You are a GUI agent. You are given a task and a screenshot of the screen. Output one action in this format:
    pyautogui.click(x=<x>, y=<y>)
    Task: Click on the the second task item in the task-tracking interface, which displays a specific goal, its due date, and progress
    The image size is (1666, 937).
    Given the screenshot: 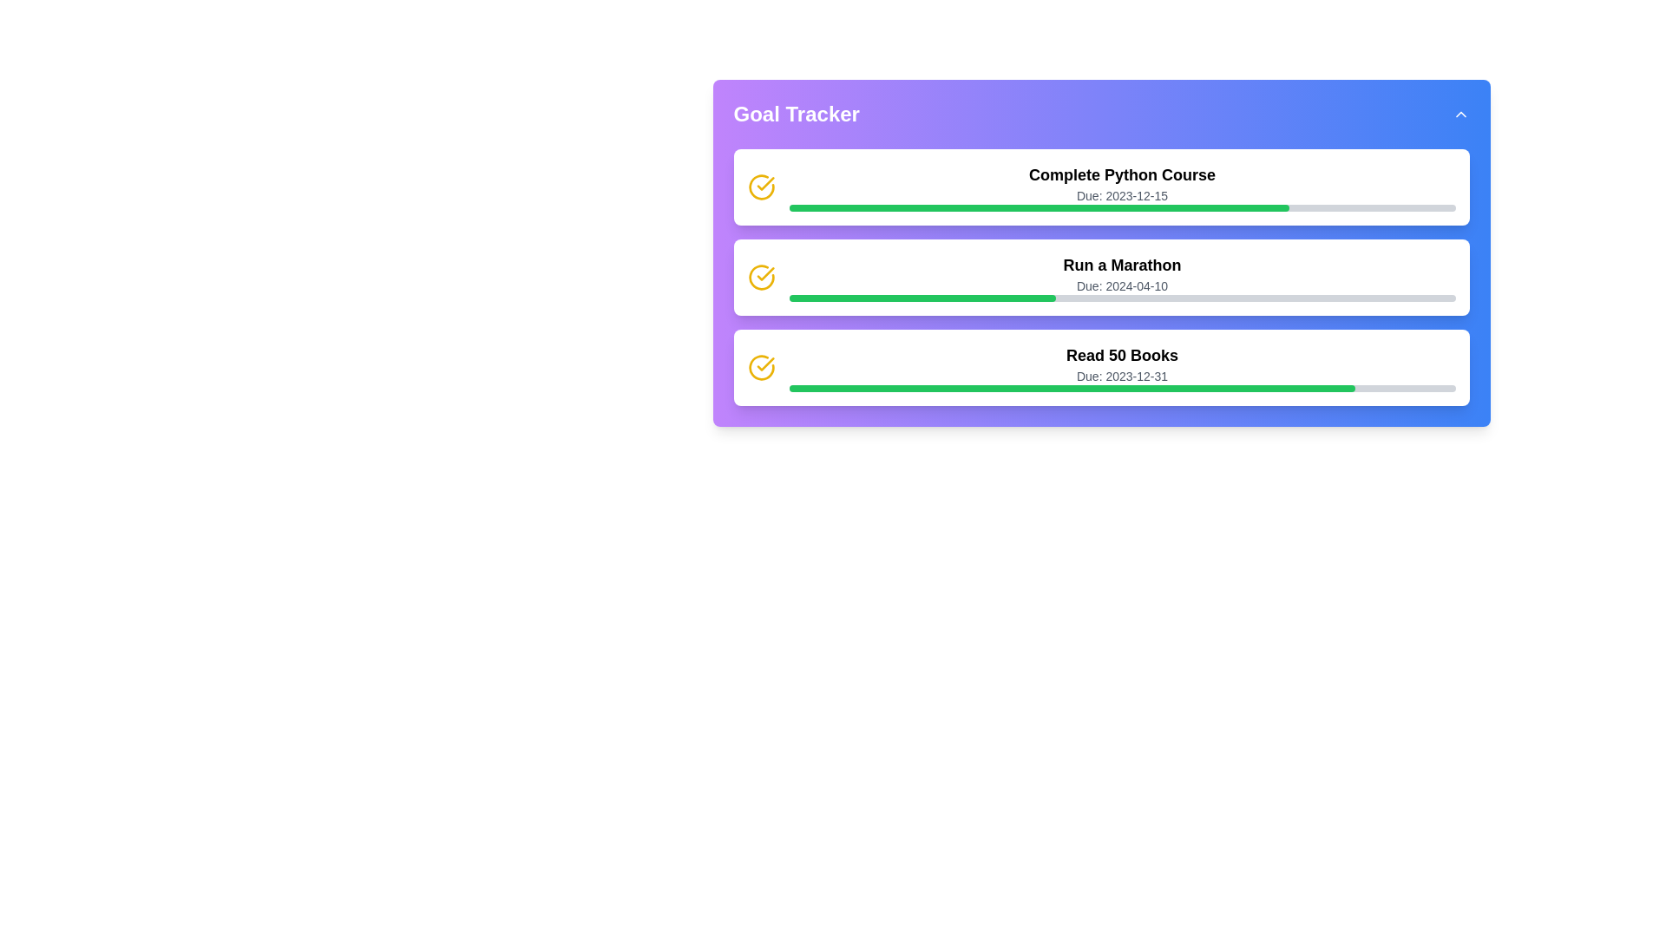 What is the action you would take?
    pyautogui.click(x=1100, y=253)
    